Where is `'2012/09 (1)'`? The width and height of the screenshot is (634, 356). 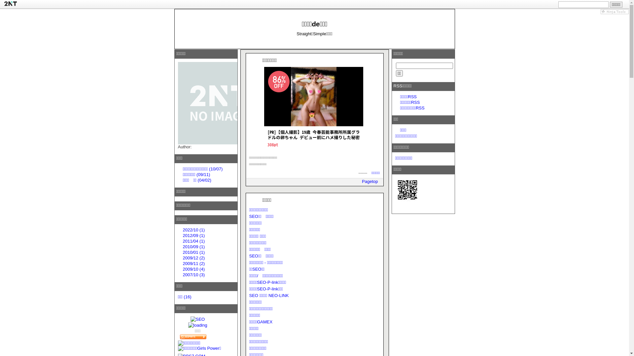
'2012/09 (1)' is located at coordinates (194, 235).